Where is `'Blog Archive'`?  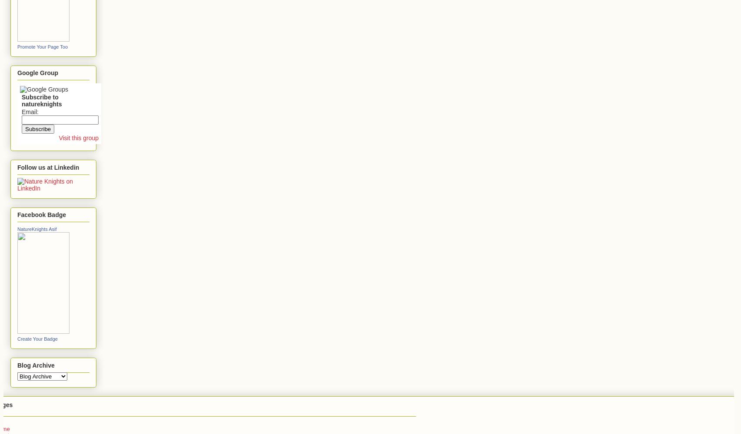
'Blog Archive' is located at coordinates (36, 365).